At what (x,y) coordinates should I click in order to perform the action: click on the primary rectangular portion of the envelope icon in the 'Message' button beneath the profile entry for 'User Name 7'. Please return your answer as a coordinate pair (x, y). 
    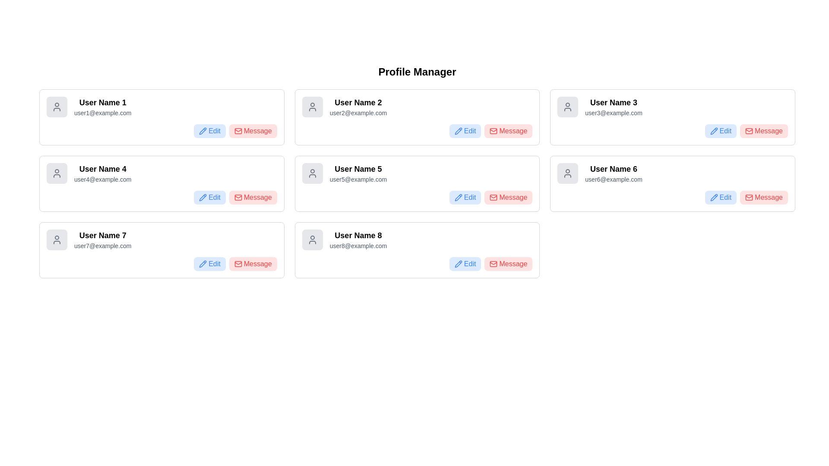
    Looking at the image, I should click on (238, 264).